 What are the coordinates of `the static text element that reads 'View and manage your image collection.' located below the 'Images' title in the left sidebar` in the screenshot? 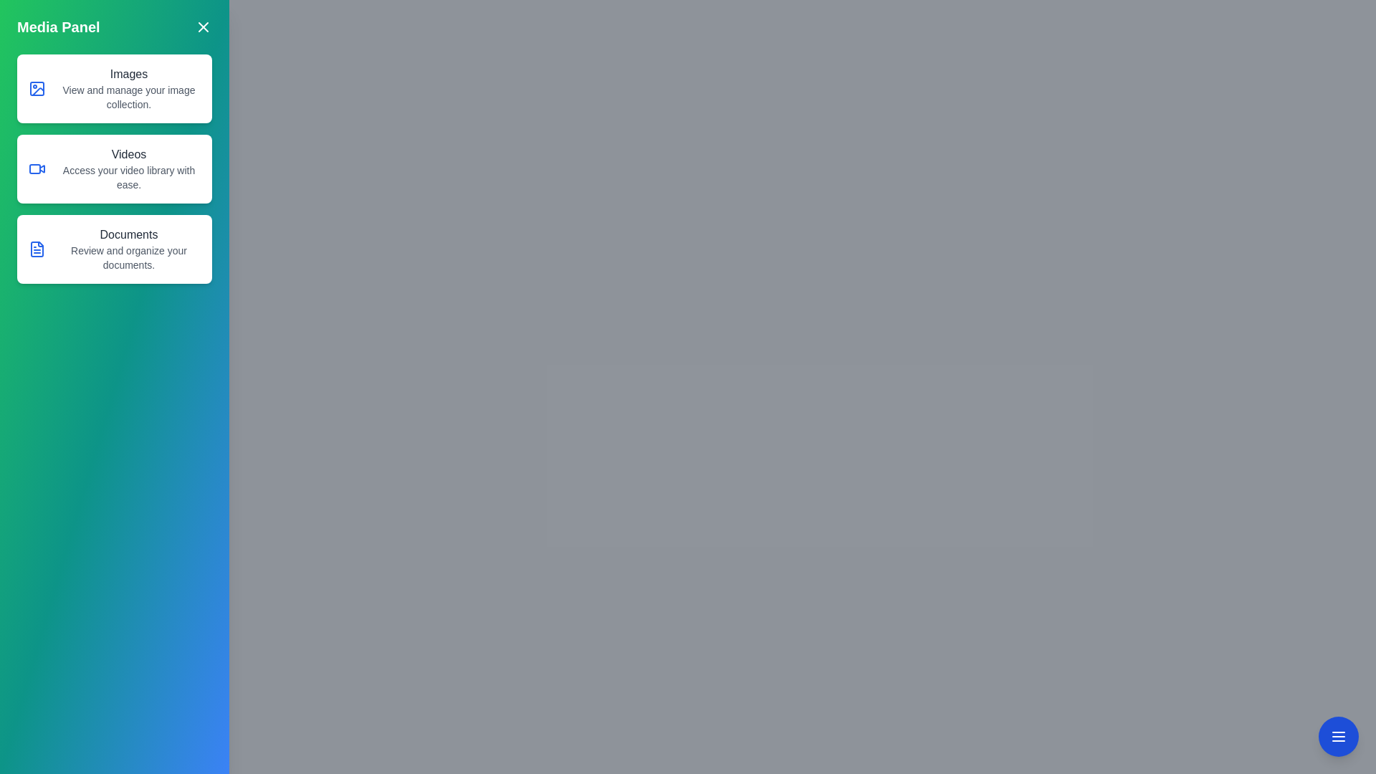 It's located at (129, 97).